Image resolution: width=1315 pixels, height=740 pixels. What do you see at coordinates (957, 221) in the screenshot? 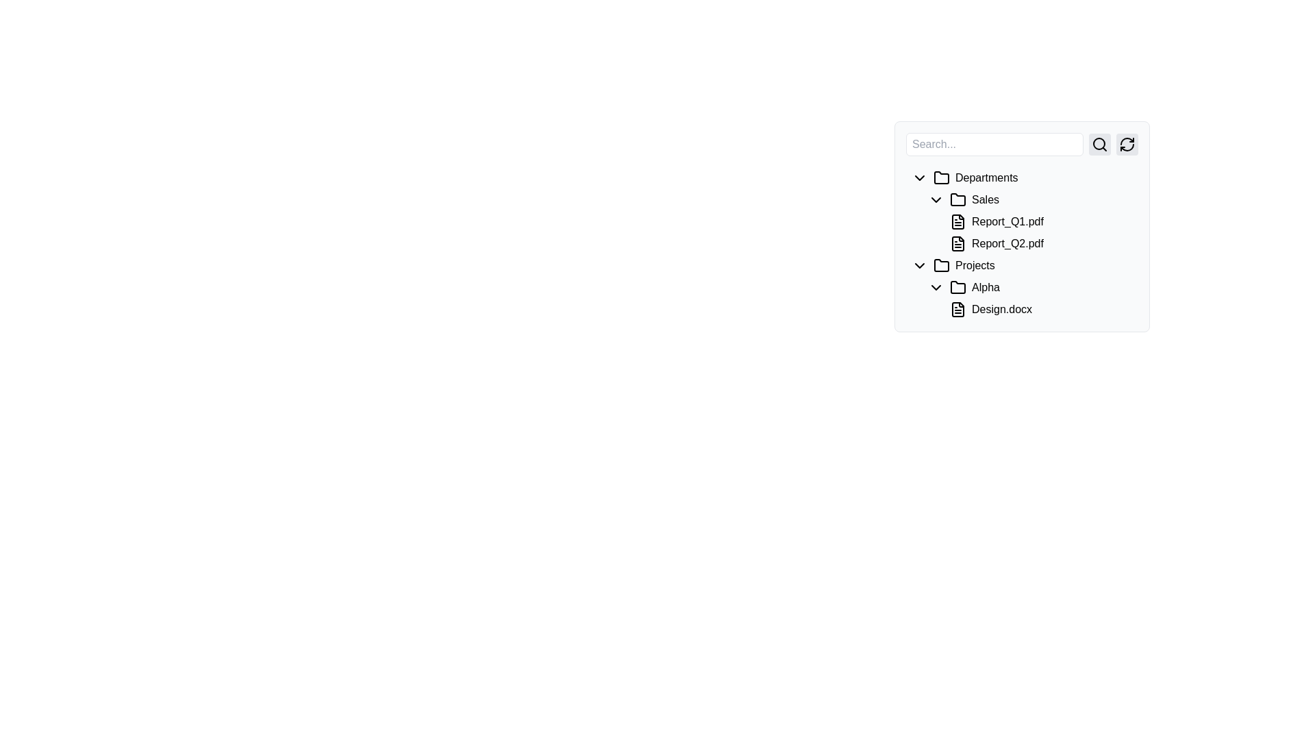
I see `the SVG icon resembling a file document located next to the label 'Report_Q1.pdf'` at bounding box center [957, 221].